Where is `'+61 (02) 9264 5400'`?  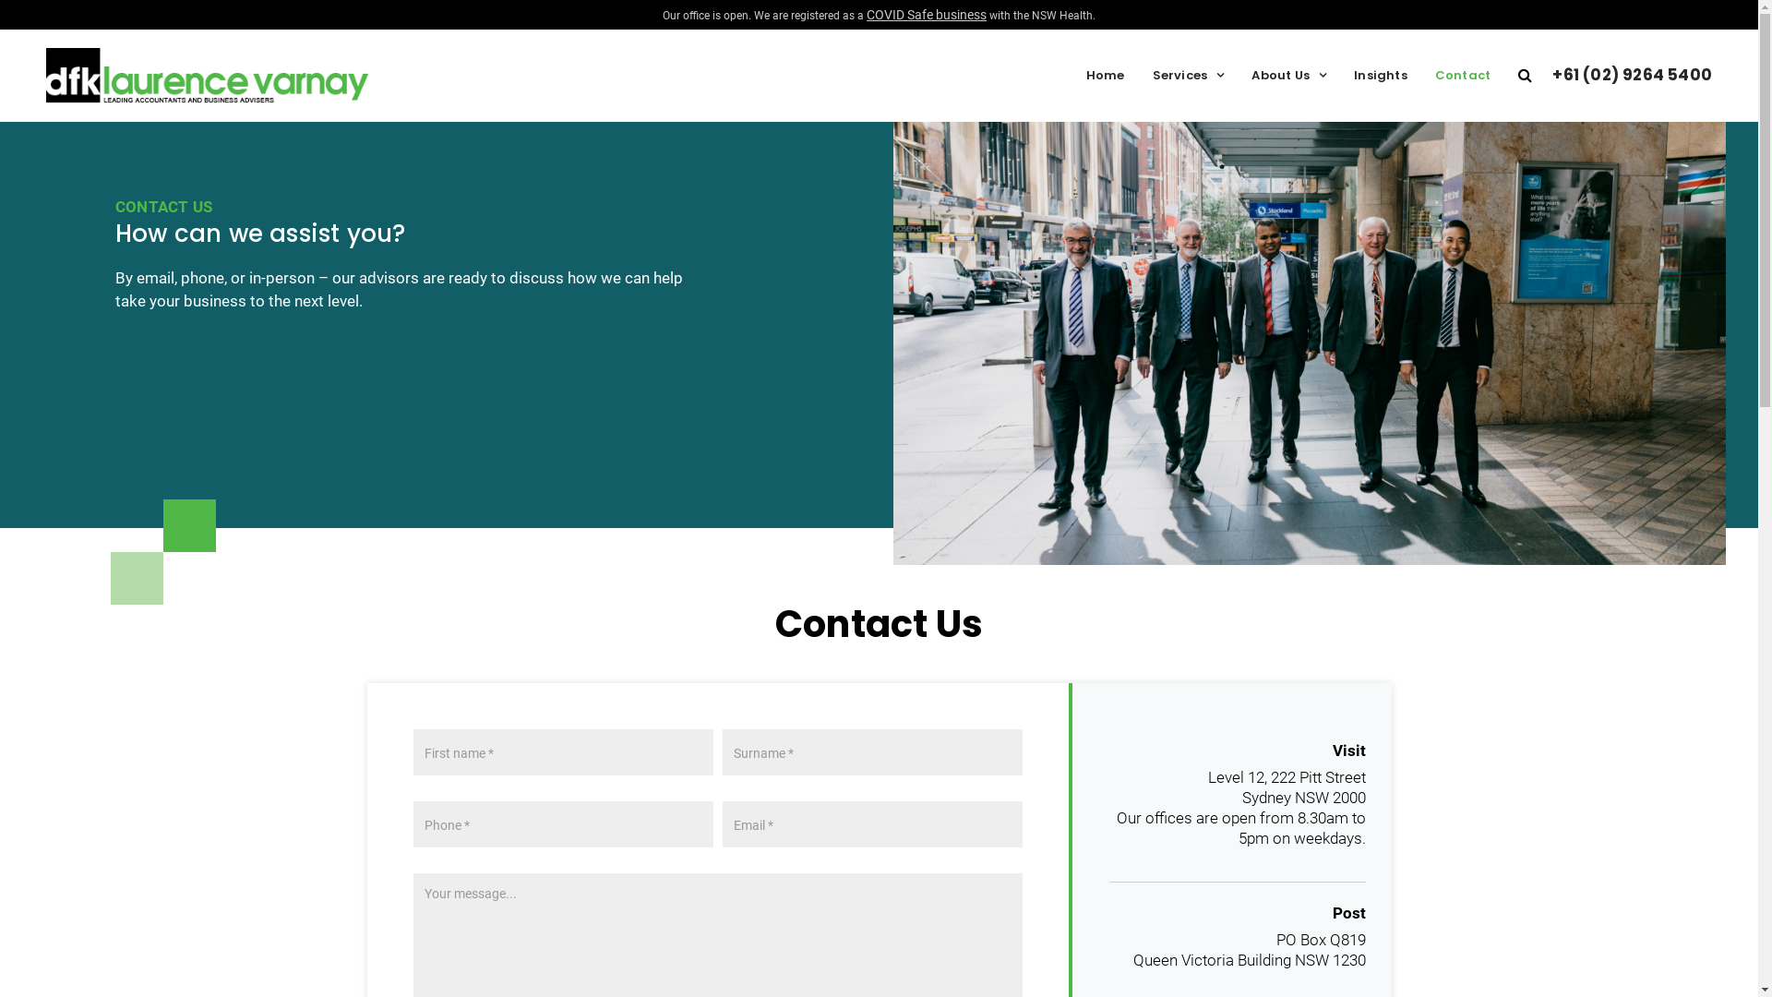
'+61 (02) 9264 5400' is located at coordinates (1632, 74).